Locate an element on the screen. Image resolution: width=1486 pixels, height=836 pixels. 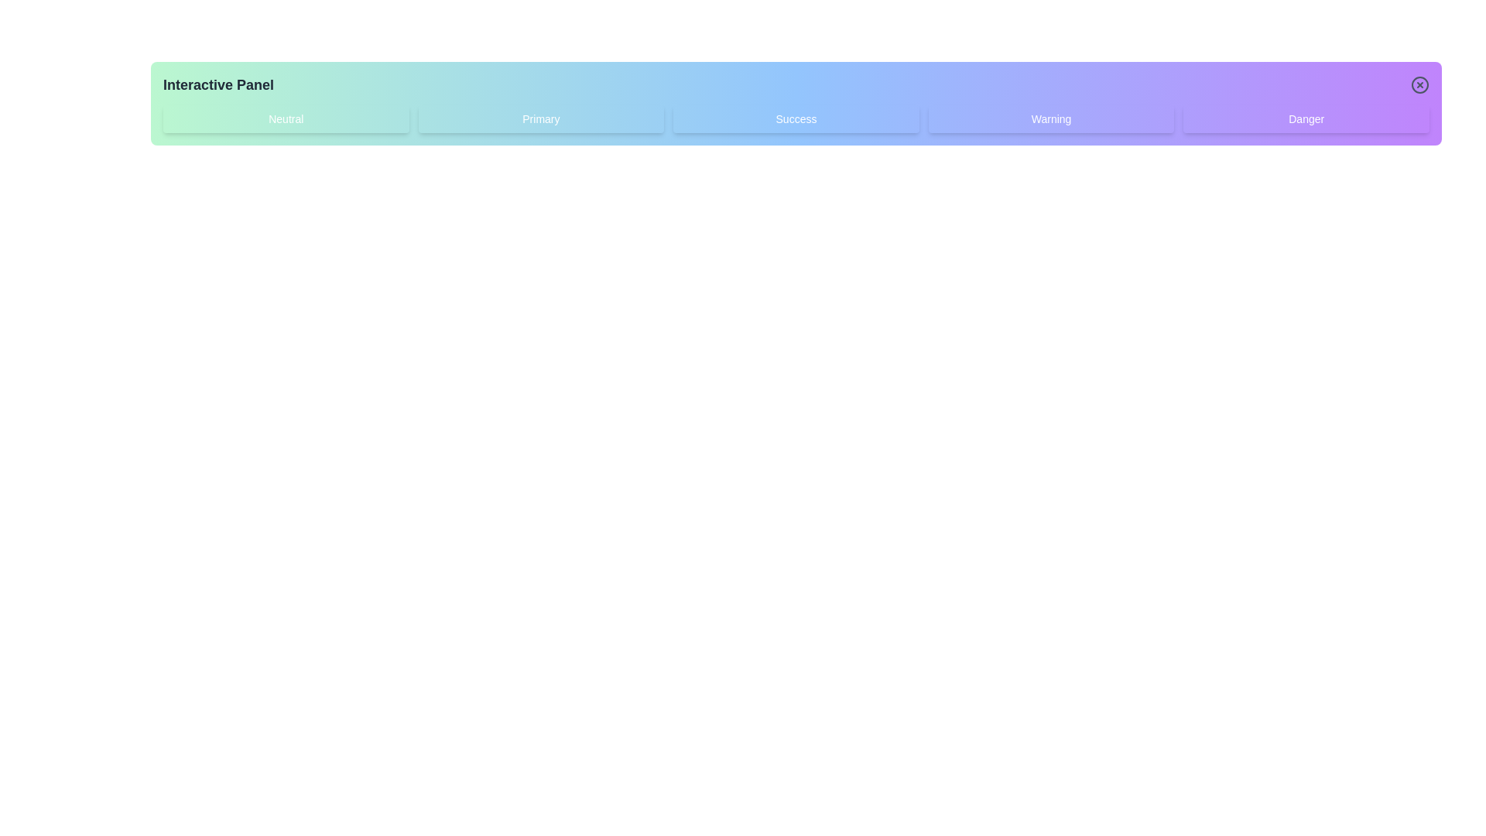
the 'Warning' button, which is the fourth button in a row of five is located at coordinates (1051, 118).